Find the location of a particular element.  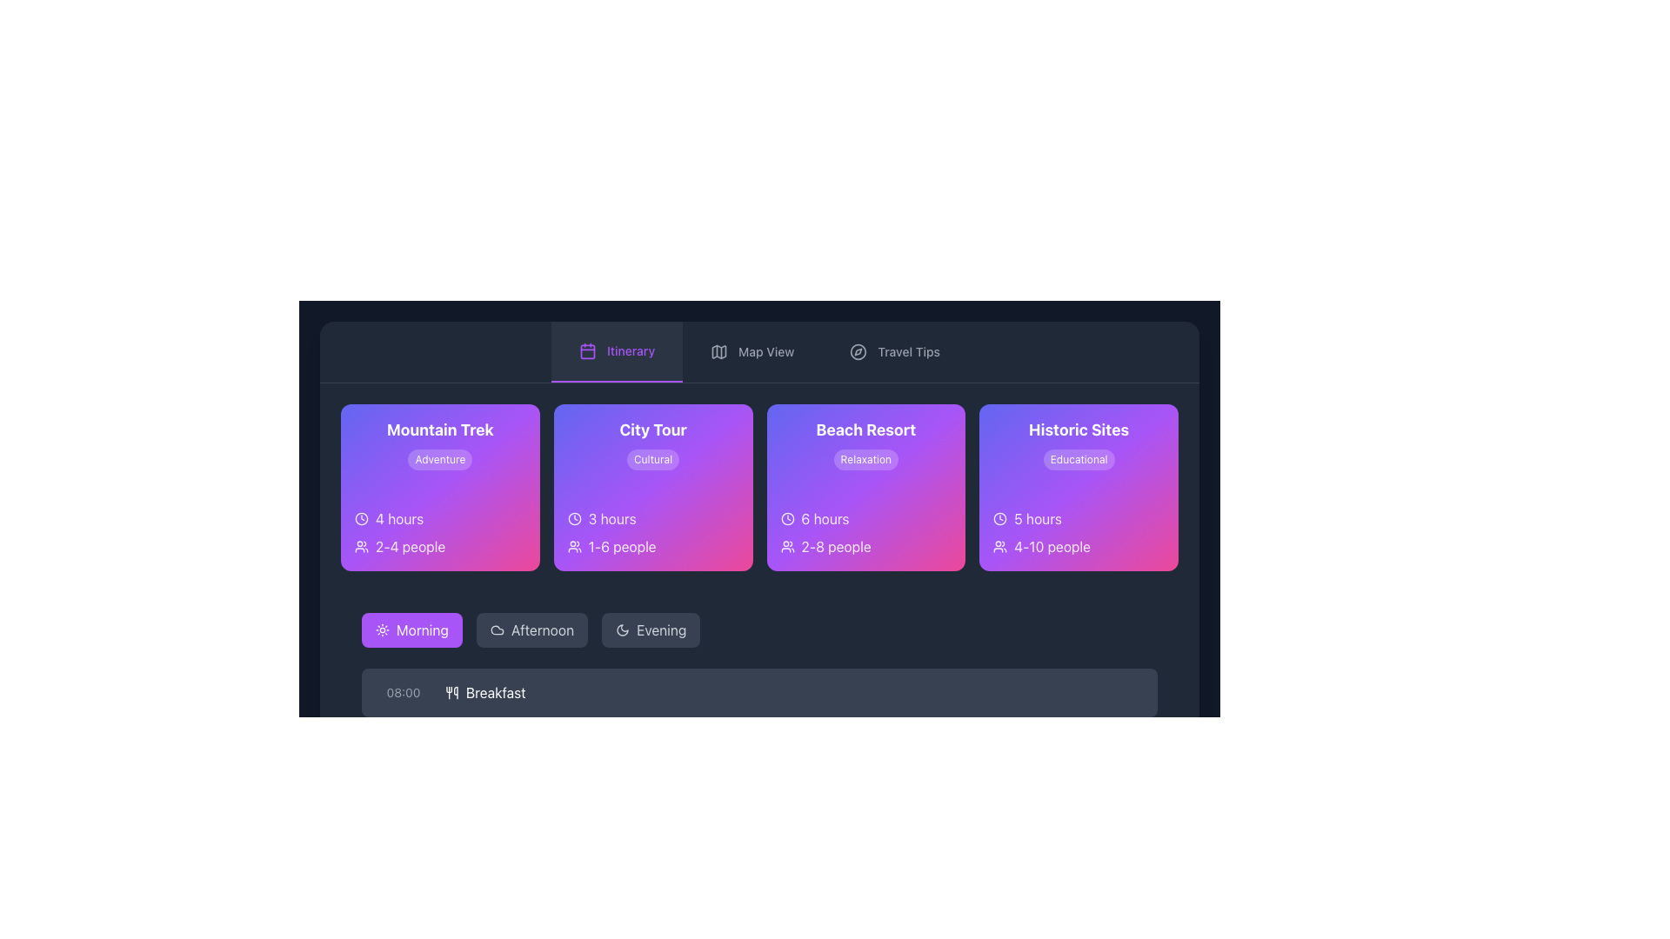

the third card in the grid layout, which has a gradient background from purple to pink and includes the title 'Beach Resort' and tag 'Relaxation' is located at coordinates (865, 487).